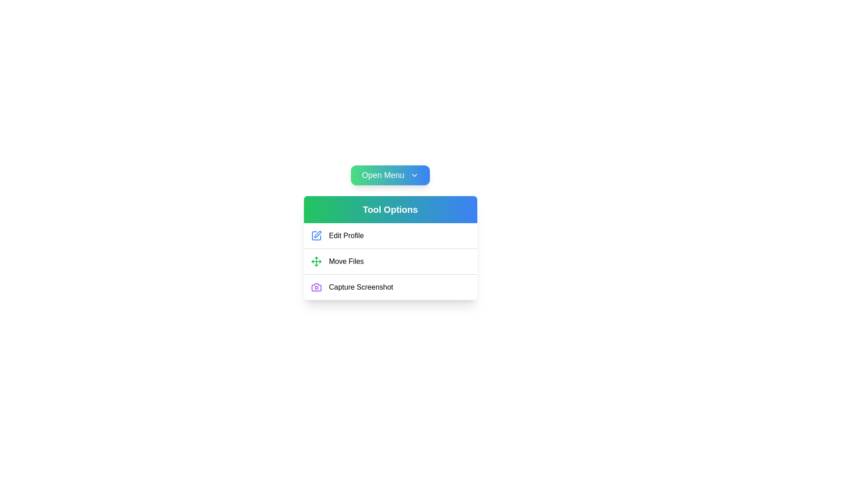 The height and width of the screenshot is (488, 867). What do you see at coordinates (316, 235) in the screenshot?
I see `the 'Edit Profile' icon located under the 'Tool Options' heading, which is the first option in a vertical list, positioned to the left of the text 'Edit Profile'` at bounding box center [316, 235].